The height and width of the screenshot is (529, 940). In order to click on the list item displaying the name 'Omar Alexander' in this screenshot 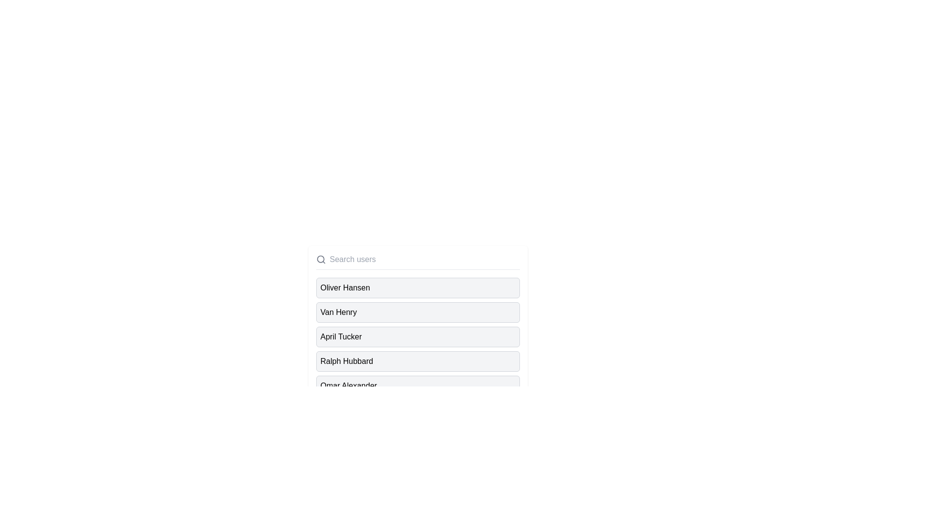, I will do `click(418, 385)`.